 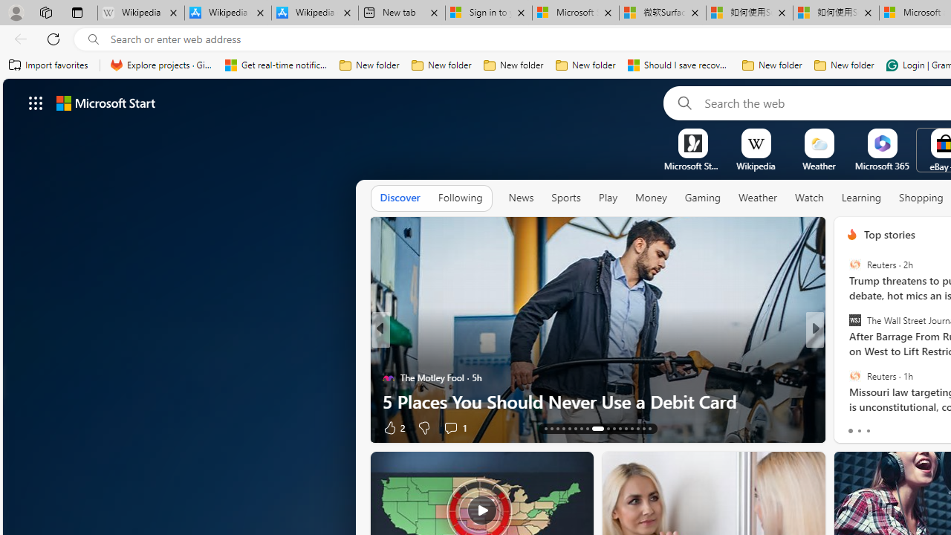 What do you see at coordinates (580, 429) in the screenshot?
I see `'AutomationID: tab-19'` at bounding box center [580, 429].